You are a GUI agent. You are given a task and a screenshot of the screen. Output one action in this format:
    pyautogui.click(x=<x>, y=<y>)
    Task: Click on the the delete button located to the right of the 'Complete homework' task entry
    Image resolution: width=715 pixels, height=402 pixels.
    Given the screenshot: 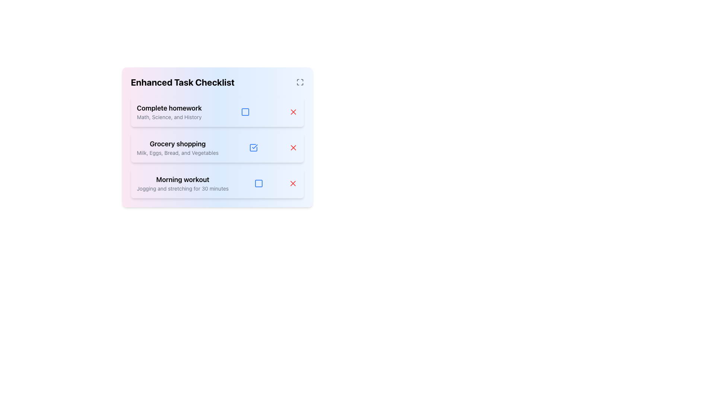 What is the action you would take?
    pyautogui.click(x=293, y=112)
    